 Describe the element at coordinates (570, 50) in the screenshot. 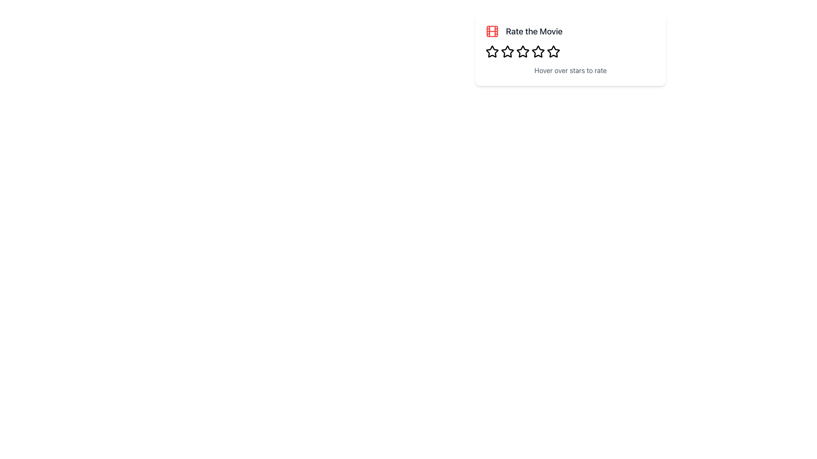

I see `instructional text 'Hover over stars to rate' within the rating card that has a red film icon and the title 'Rate the Movie'` at that location.